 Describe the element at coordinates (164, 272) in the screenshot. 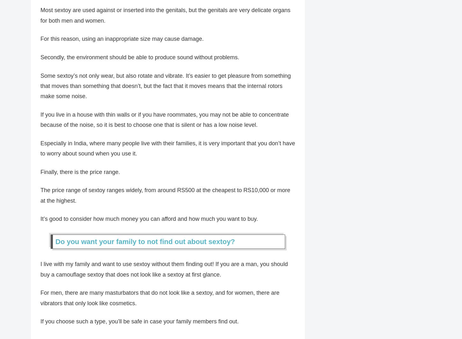

I see `'I live with my family and want to use sextoy without them finding out! If you are a man, you should buy a camouflage sextoy that does not look like a sextoy at first glance.'` at that location.